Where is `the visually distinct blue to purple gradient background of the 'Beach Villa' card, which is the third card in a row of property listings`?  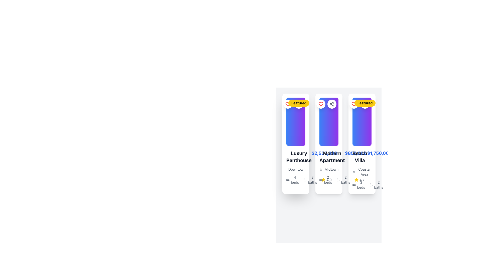
the visually distinct blue to purple gradient background of the 'Beach Villa' card, which is the third card in a row of property listings is located at coordinates (362, 122).